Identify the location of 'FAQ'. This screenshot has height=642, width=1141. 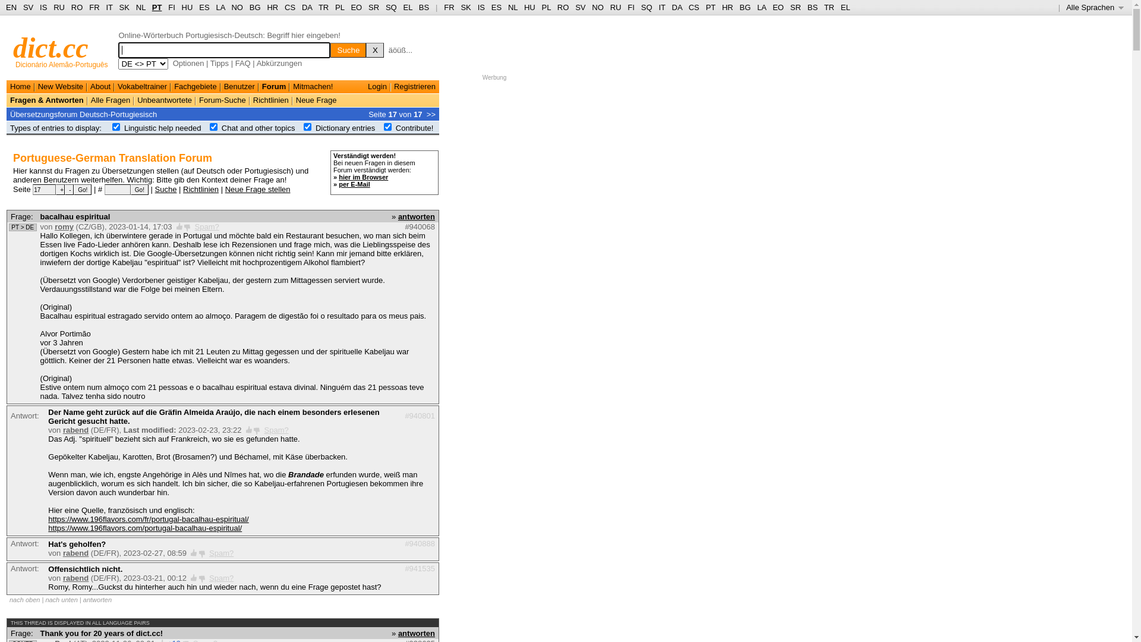
(242, 63).